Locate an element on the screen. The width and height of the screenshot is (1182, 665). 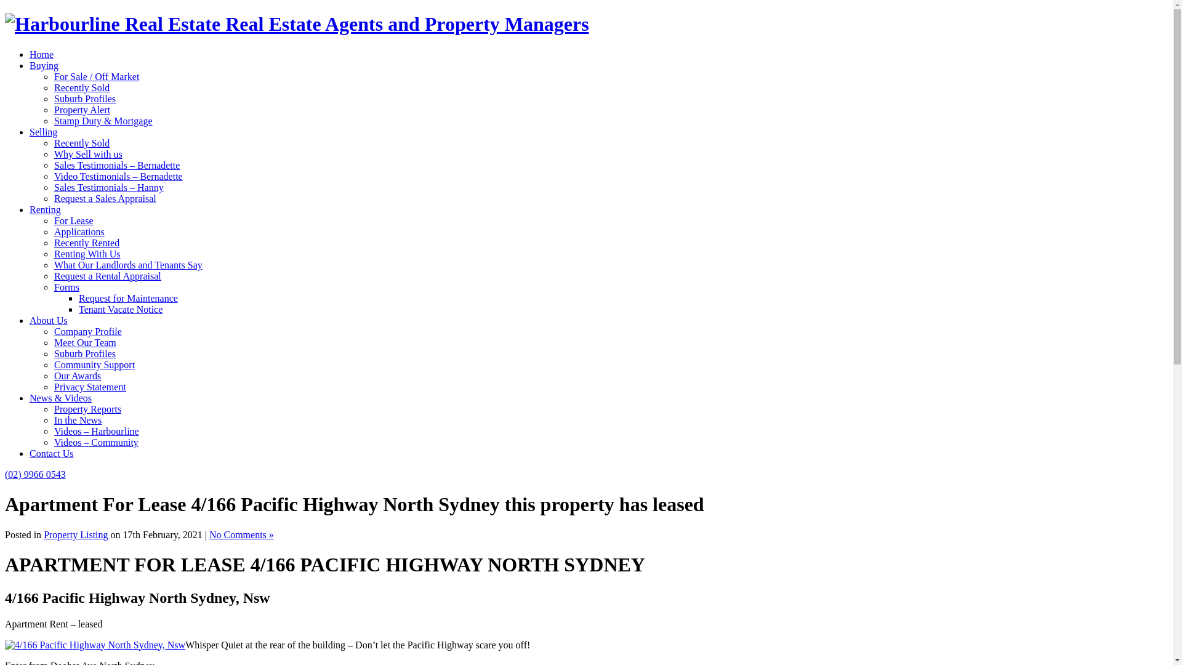
'News & Videos' is located at coordinates (60, 398).